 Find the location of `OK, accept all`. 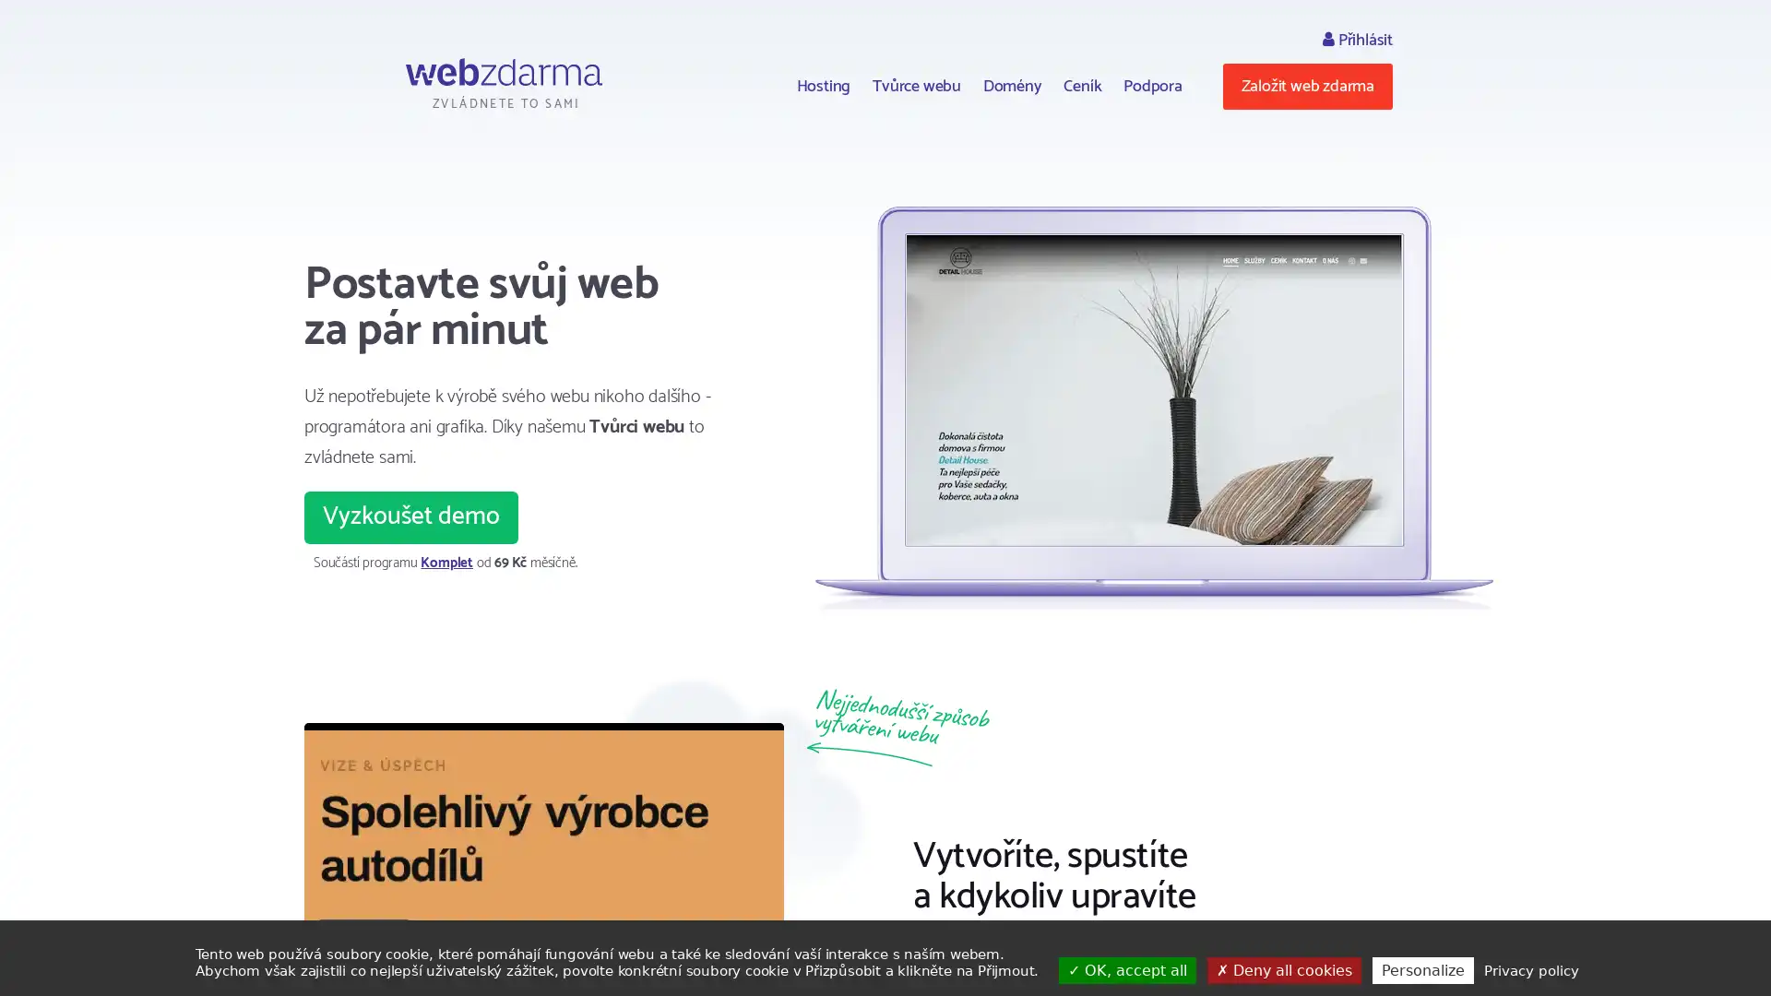

OK, accept all is located at coordinates (1126, 969).